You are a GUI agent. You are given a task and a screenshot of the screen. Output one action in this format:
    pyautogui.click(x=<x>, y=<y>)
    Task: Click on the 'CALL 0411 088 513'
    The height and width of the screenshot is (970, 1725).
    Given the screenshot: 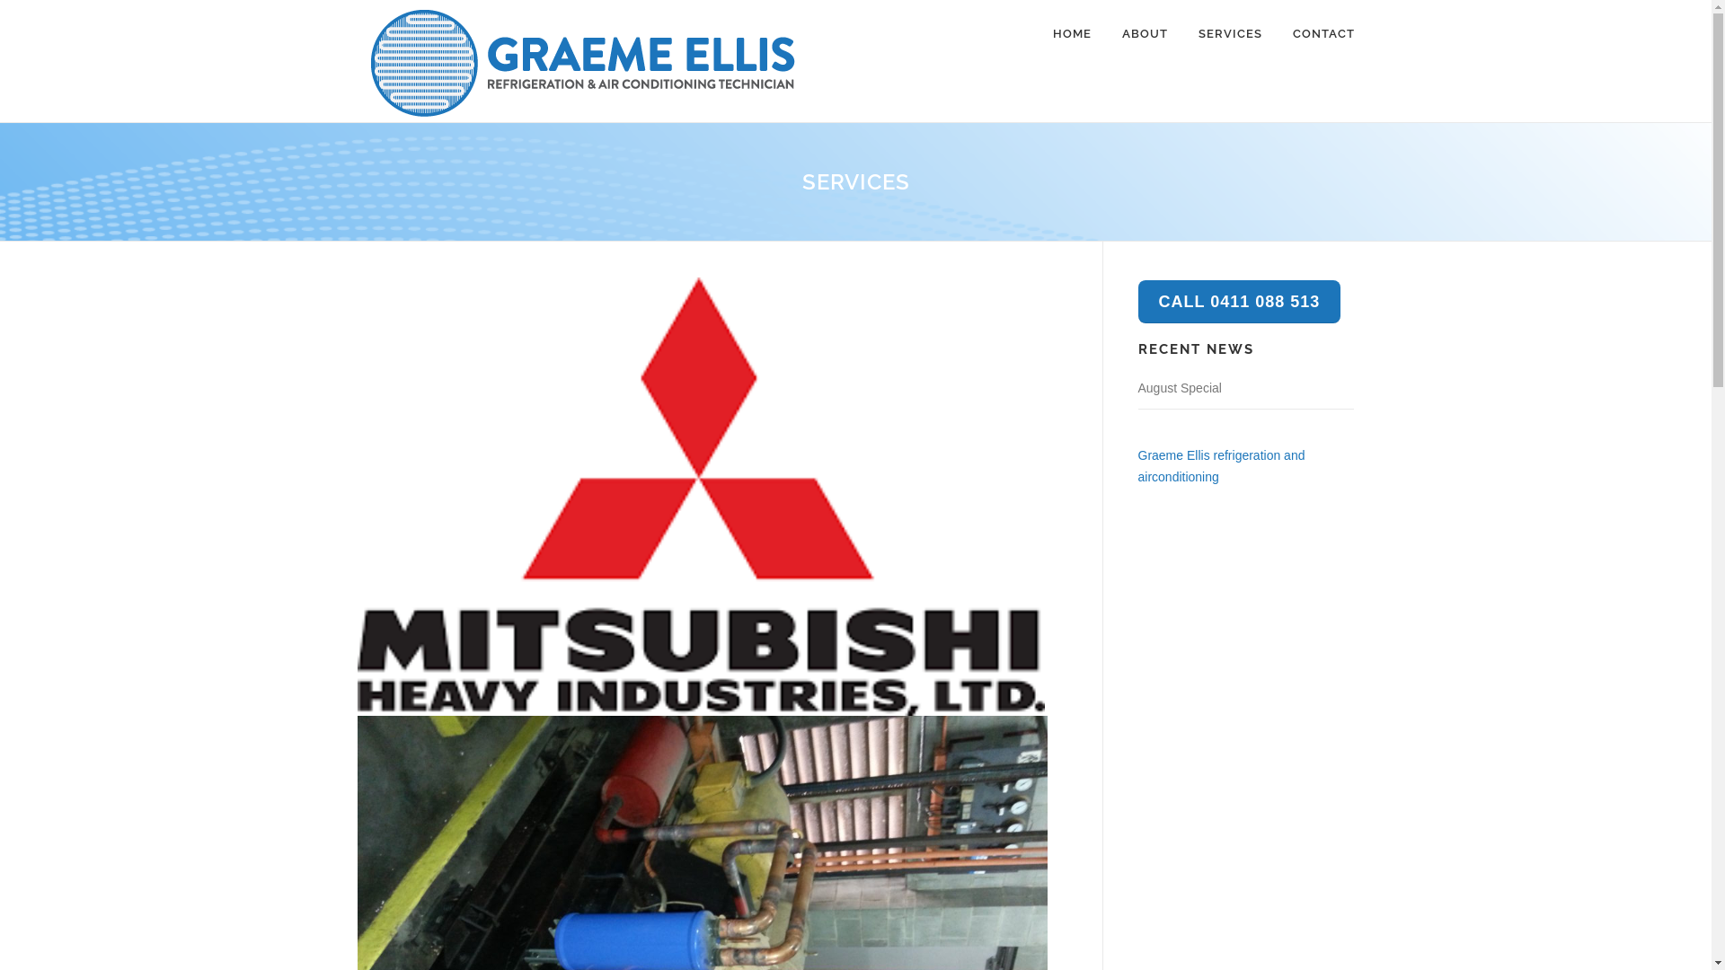 What is the action you would take?
    pyautogui.click(x=1237, y=300)
    